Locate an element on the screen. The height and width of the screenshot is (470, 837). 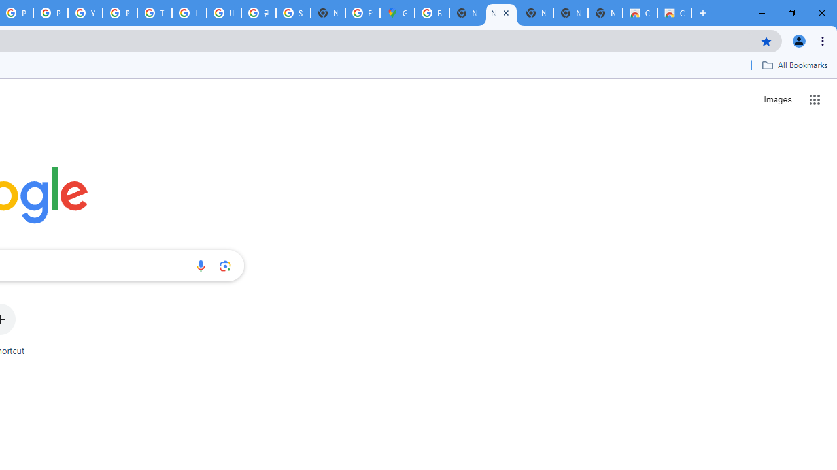
'Classic Blue - Chrome Web Store' is located at coordinates (640, 13).